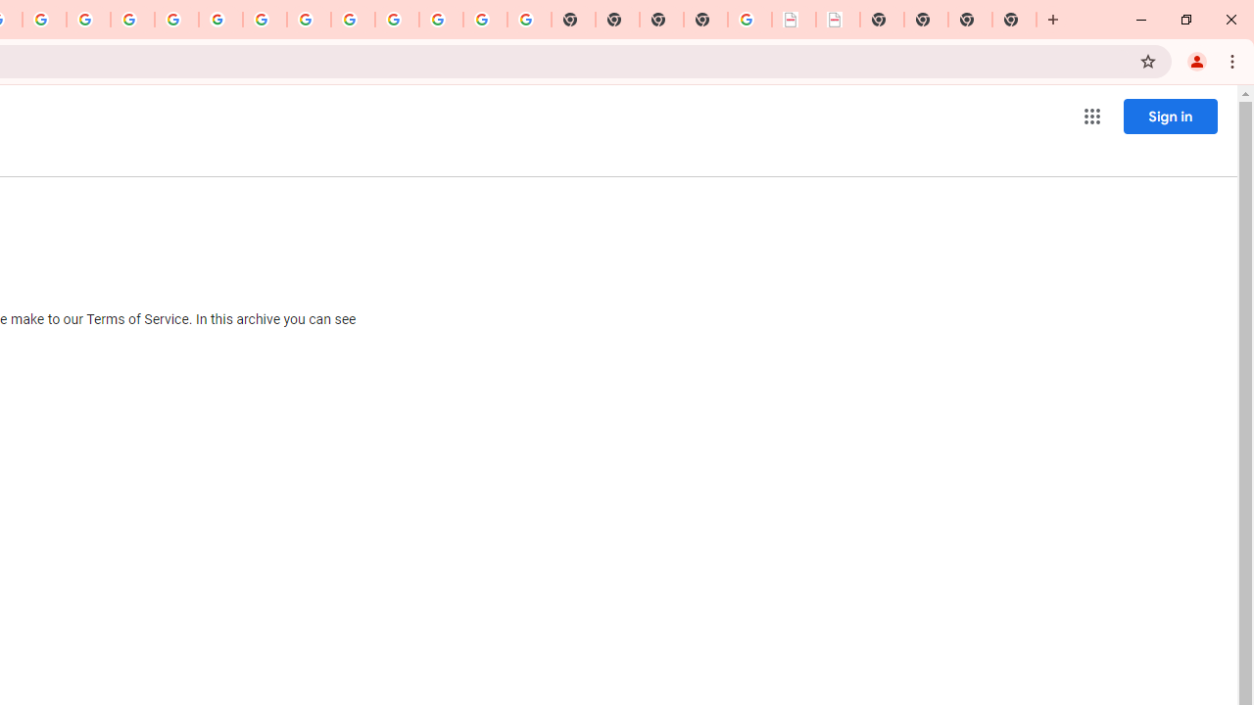 The width and height of the screenshot is (1254, 705). What do you see at coordinates (529, 20) in the screenshot?
I see `'Google Images'` at bounding box center [529, 20].